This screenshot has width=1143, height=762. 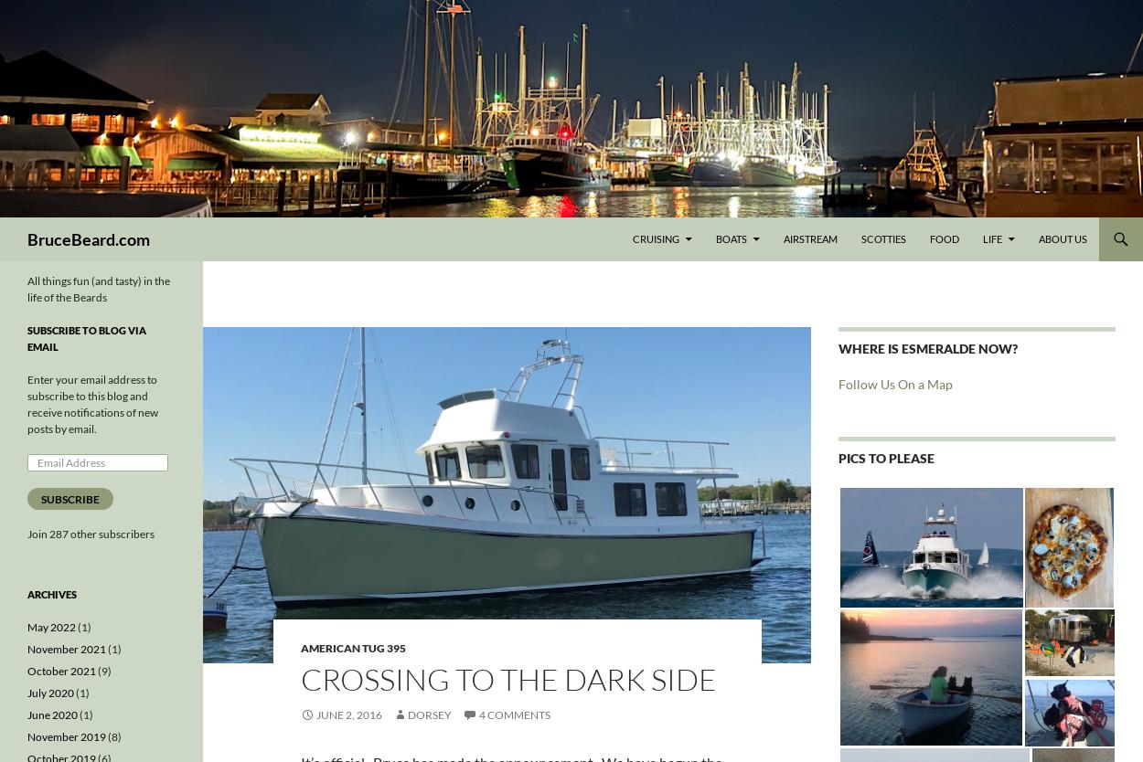 I want to click on 'Boats', so click(x=732, y=238).